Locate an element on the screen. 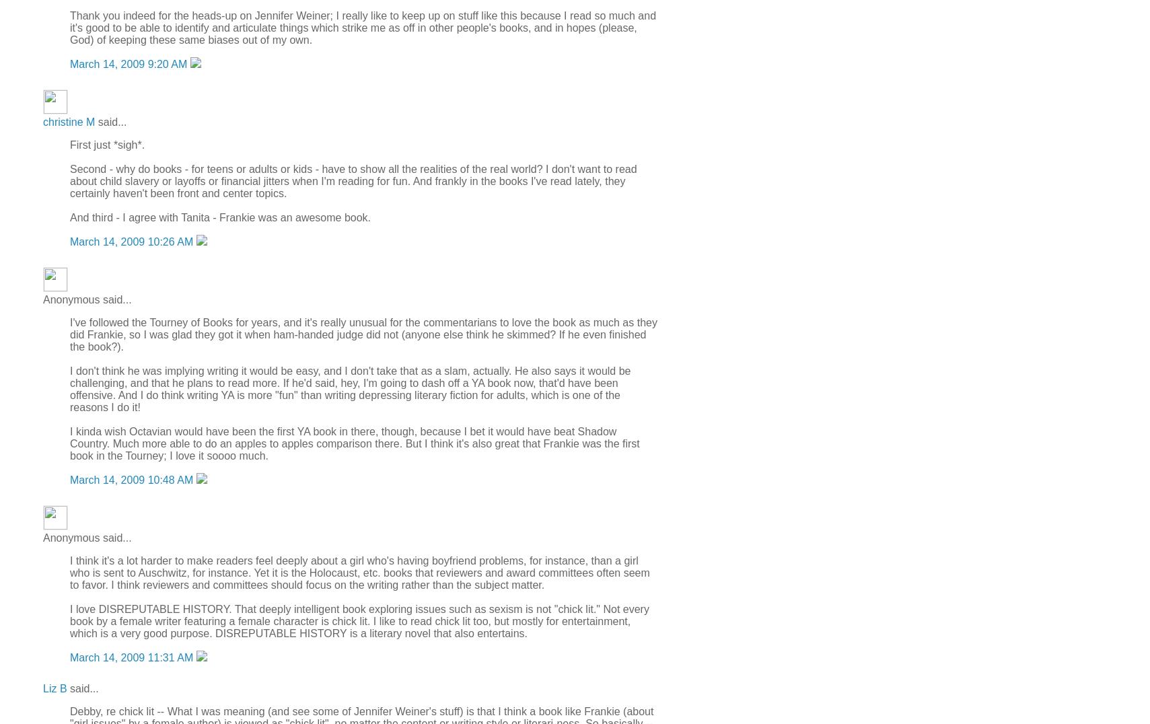 The image size is (1150, 724). 'I don't think he was implying writing it would be easy, and I don't take that as a slam, actually. He also says it would be challenging, and that he plans to read more. If he'd said, hey, I'm going to dash off a YA book now, that'd have been offensive. And I do think writing YA is more "fun" than writing depressing literary fiction for adults, which is one of the reasons I do it!' is located at coordinates (349, 388).